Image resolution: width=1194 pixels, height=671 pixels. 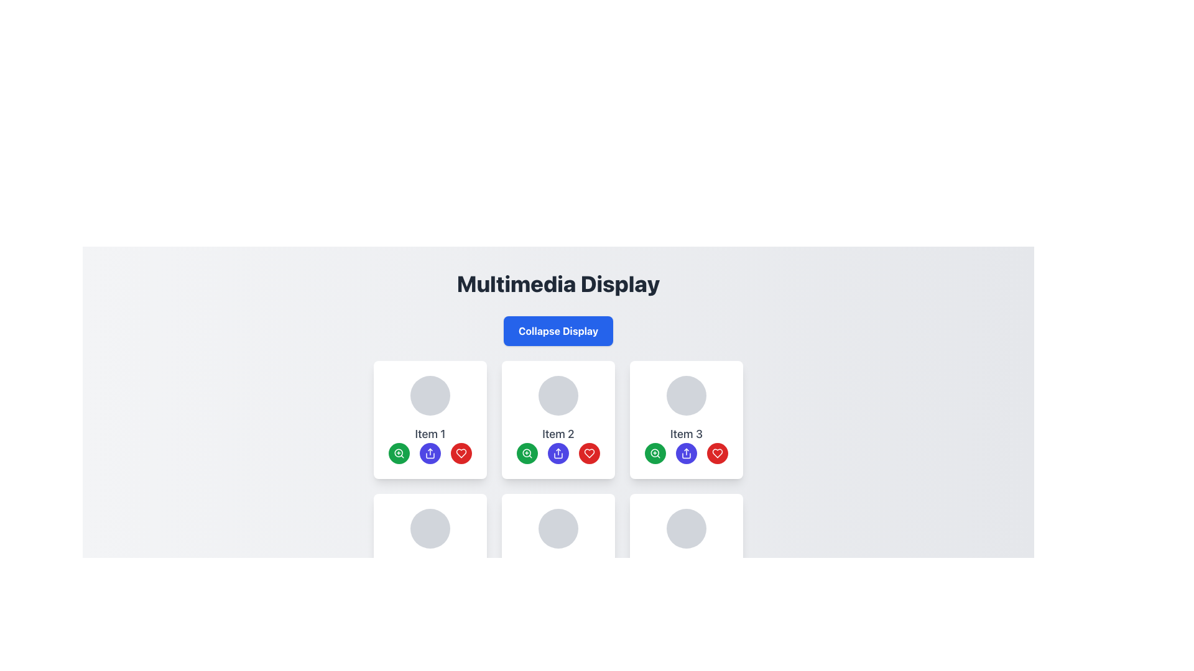 What do you see at coordinates (399, 453) in the screenshot?
I see `the zoom-in button with an icon located in the first card labeled 'Item 1'` at bounding box center [399, 453].